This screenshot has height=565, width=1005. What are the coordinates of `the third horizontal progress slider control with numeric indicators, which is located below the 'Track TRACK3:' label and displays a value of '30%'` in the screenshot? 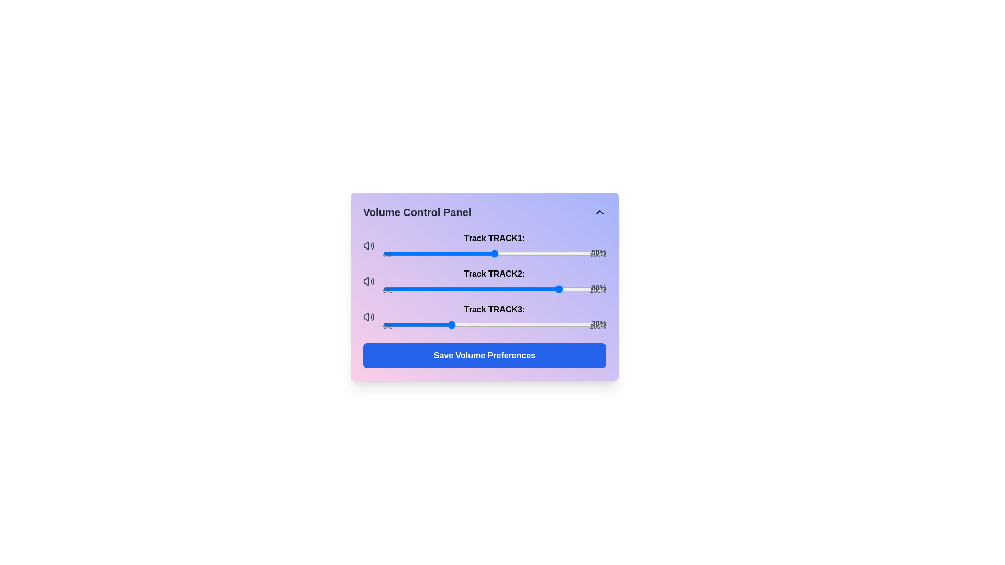 It's located at (494, 324).